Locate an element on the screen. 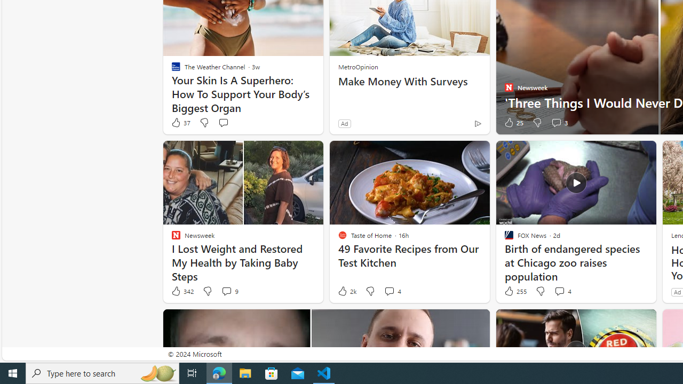  '2k Like' is located at coordinates (346, 291).